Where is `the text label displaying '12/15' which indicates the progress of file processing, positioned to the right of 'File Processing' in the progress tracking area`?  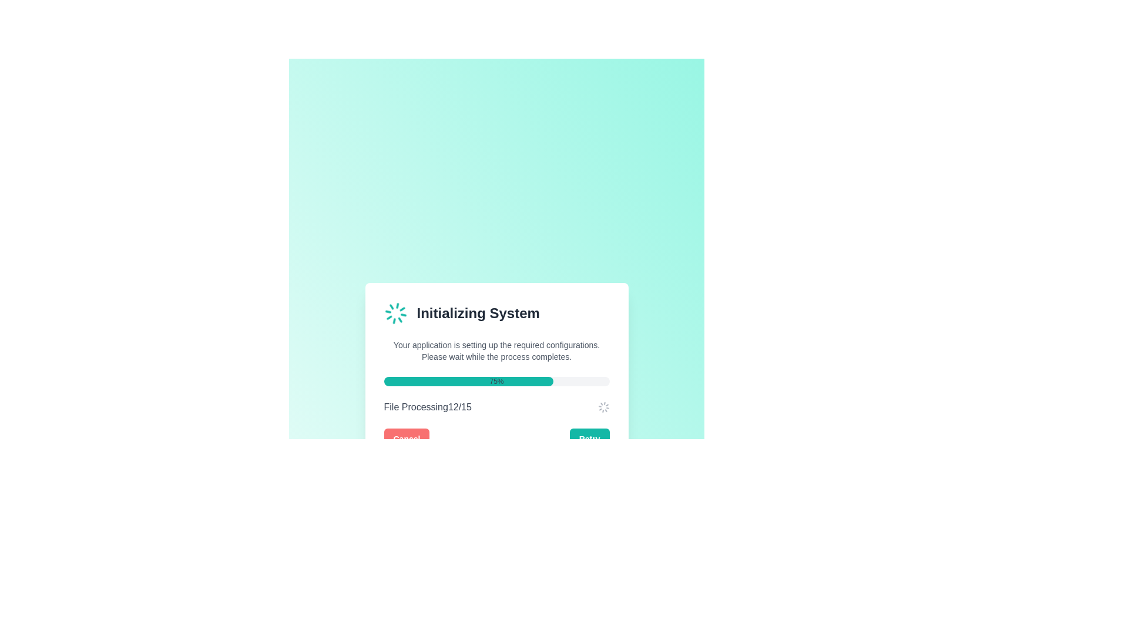
the text label displaying '12/15' which indicates the progress of file processing, positioned to the right of 'File Processing' in the progress tracking area is located at coordinates (459, 407).